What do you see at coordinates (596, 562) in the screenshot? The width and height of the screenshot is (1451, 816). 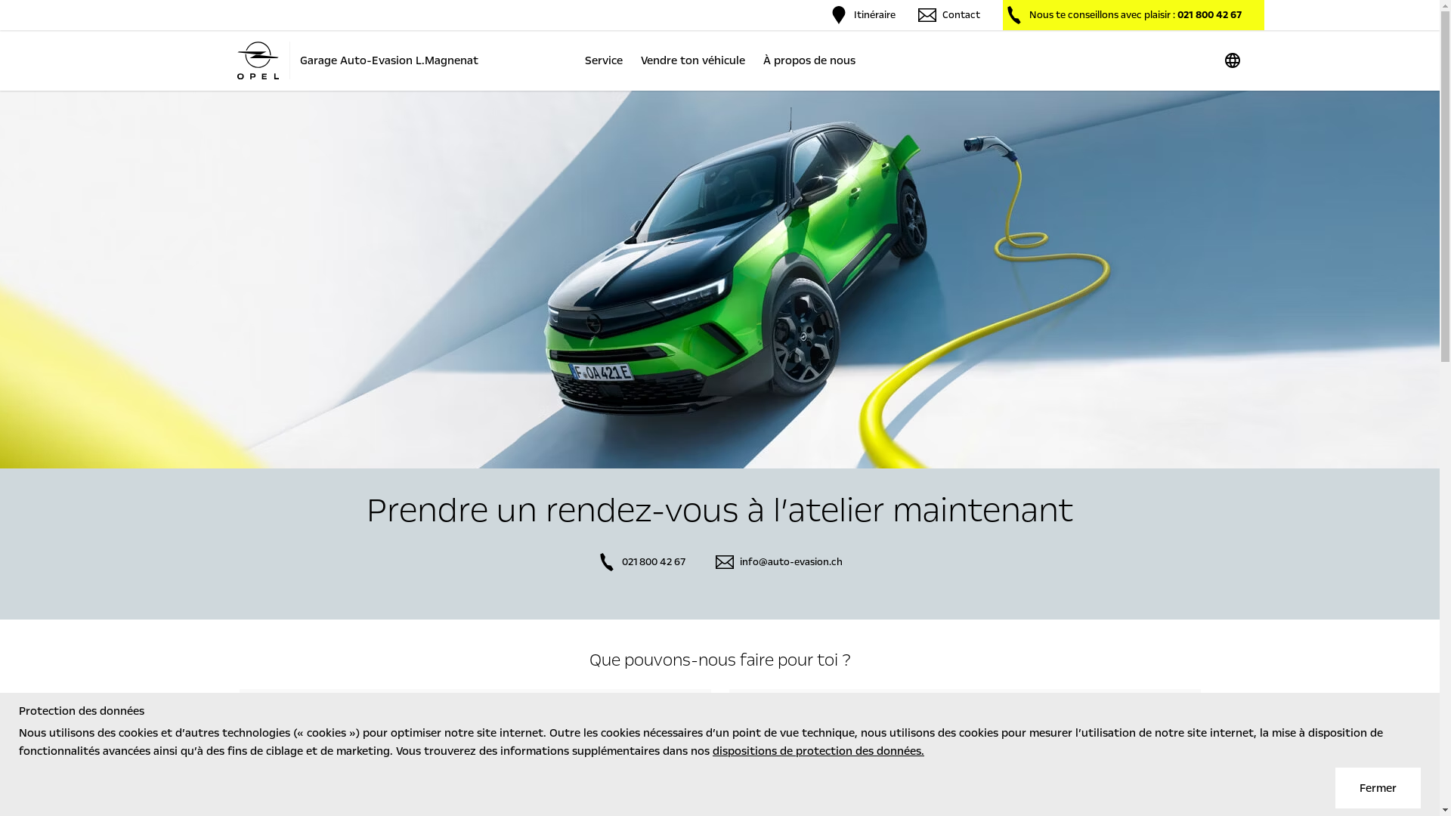 I see `'021 800 42 67'` at bounding box center [596, 562].